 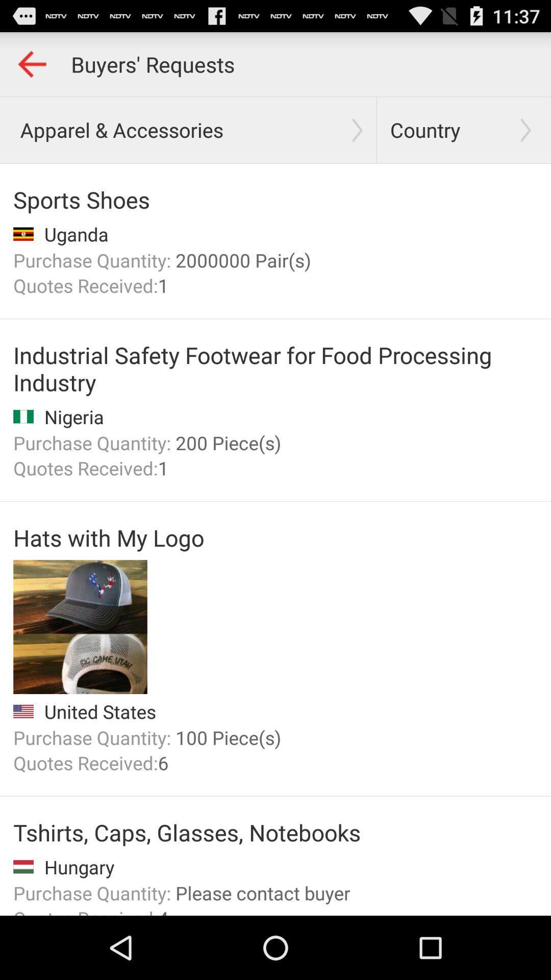 I want to click on the arrow_backward icon, so click(x=31, y=68).